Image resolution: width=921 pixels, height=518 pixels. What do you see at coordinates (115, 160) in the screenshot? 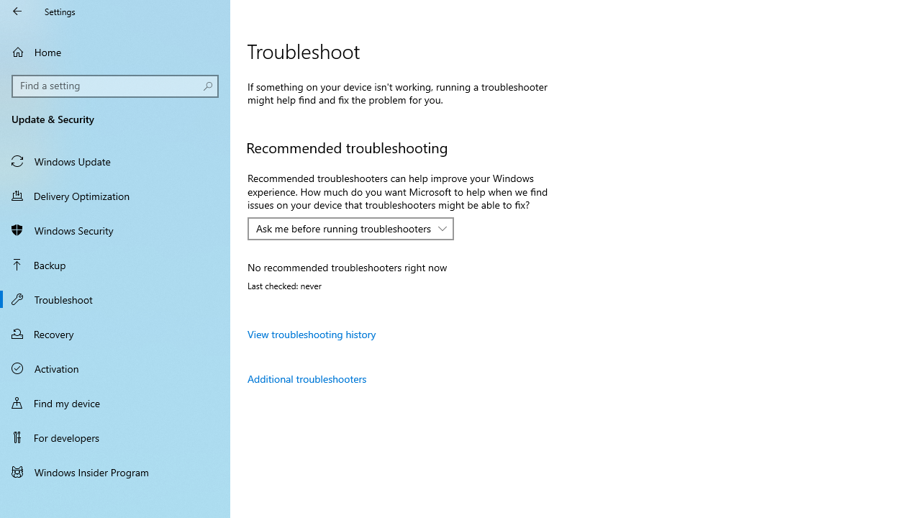
I see `'Windows Update'` at bounding box center [115, 160].